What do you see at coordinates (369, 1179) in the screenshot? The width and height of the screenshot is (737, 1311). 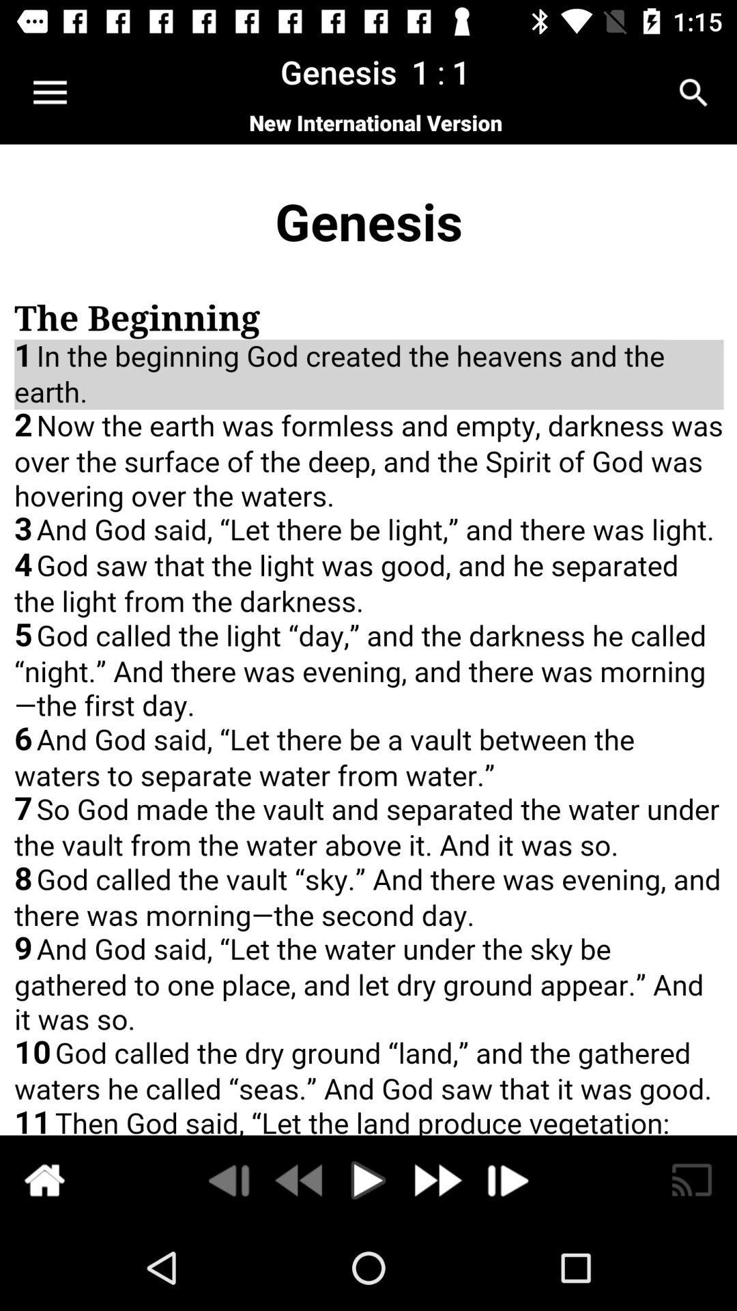 I see `the play icon` at bounding box center [369, 1179].